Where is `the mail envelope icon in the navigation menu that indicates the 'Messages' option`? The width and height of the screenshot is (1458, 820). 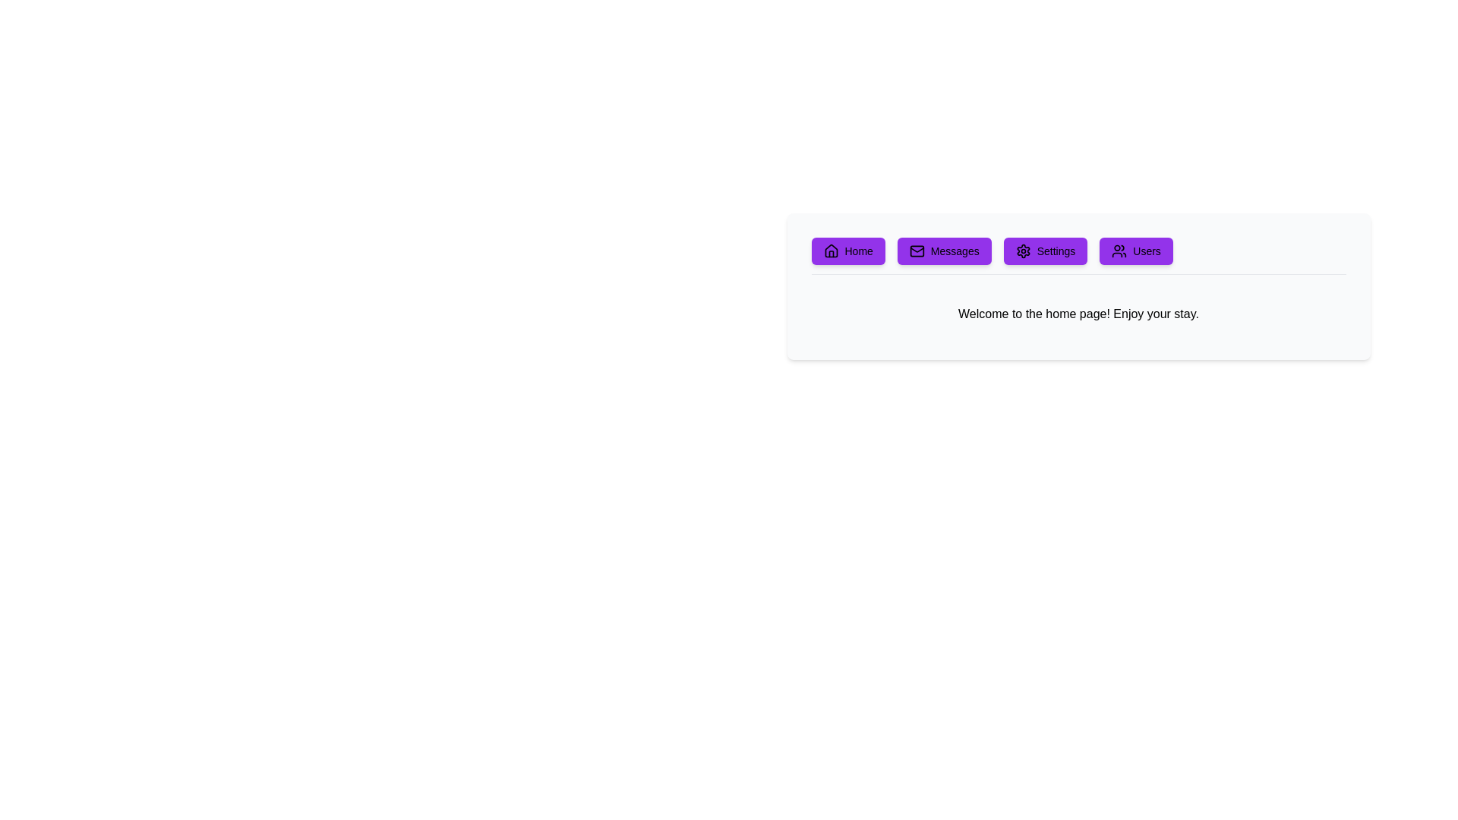 the mail envelope icon in the navigation menu that indicates the 'Messages' option is located at coordinates (916, 251).